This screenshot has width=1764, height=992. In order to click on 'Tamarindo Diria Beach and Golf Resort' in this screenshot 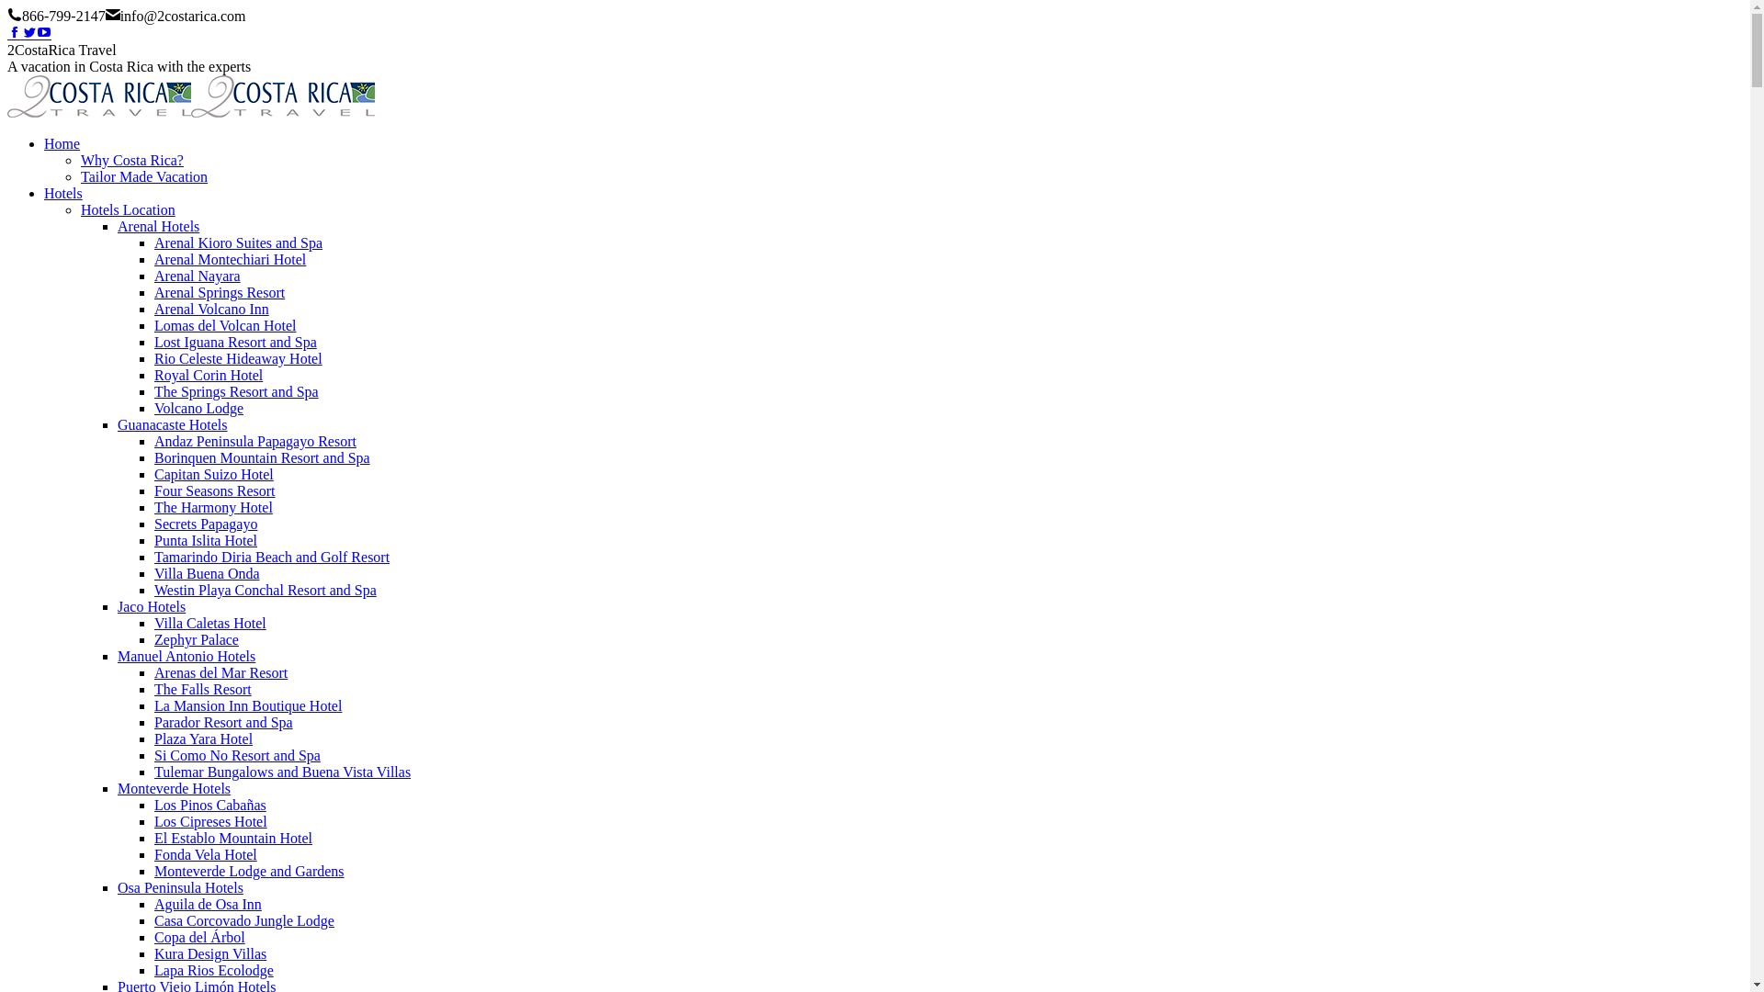, I will do `click(271, 556)`.